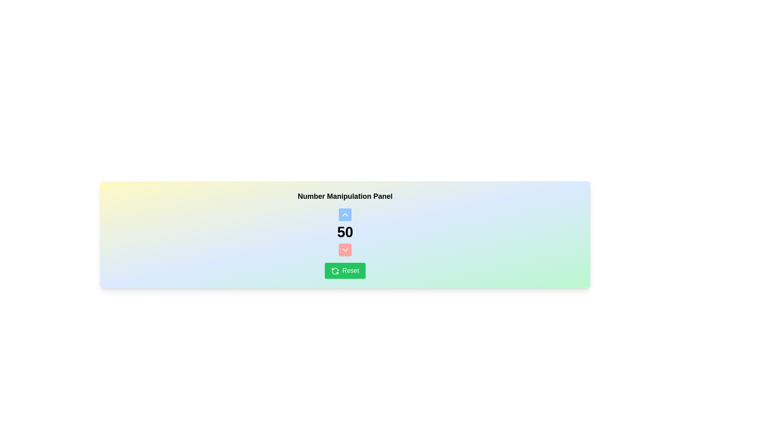  Describe the element at coordinates (335, 270) in the screenshot. I see `the circular green refresh icon located within the 'Reset' button at the bottom-center of the panel for additional effects` at that location.